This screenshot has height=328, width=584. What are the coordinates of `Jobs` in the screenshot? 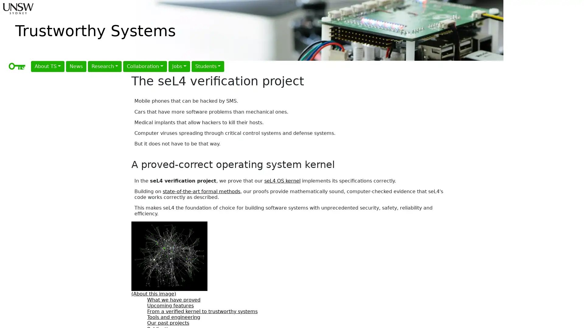 It's located at (179, 66).